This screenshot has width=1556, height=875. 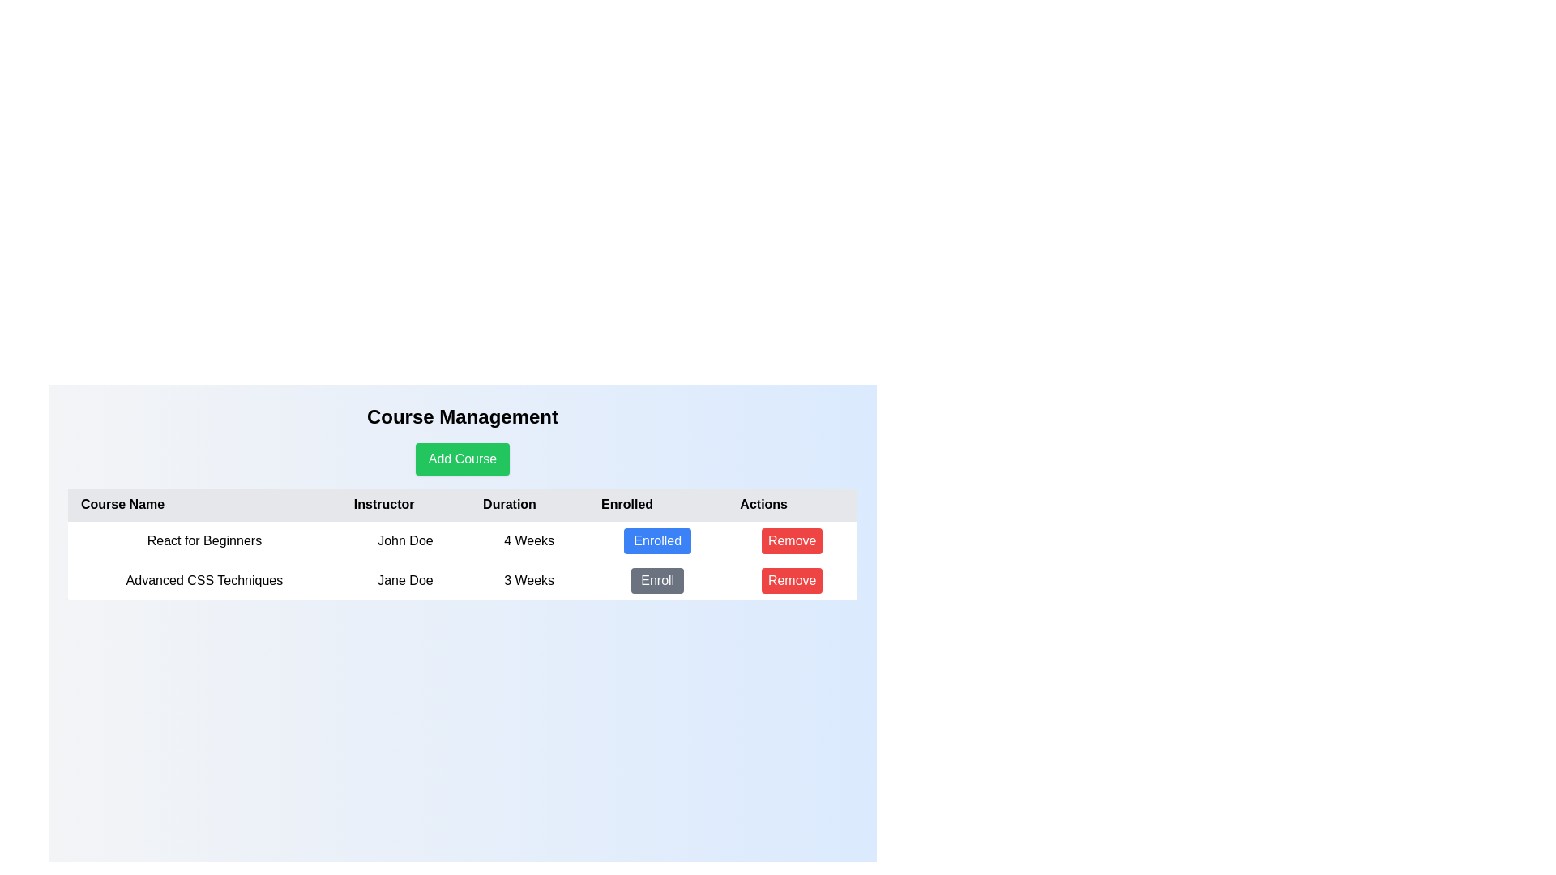 I want to click on the 'Instructor' header label, which is the second column in the header row of a table, located to the right of 'Course Name' and to the left of 'Duration', so click(x=405, y=504).